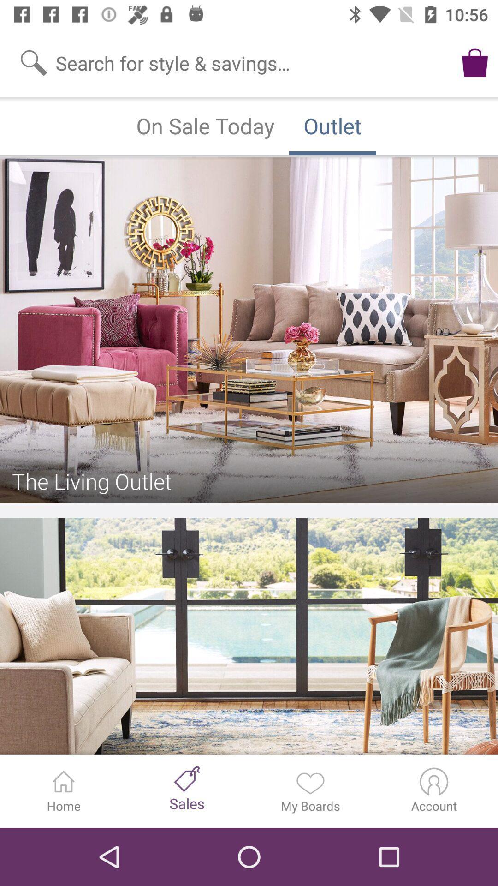  What do you see at coordinates (434, 781) in the screenshot?
I see `the icon on the bottom right corner of the web page` at bounding box center [434, 781].